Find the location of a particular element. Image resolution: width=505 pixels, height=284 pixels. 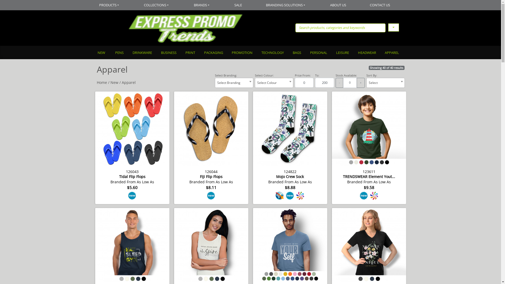

'TECHNOLOGY' is located at coordinates (272, 53).